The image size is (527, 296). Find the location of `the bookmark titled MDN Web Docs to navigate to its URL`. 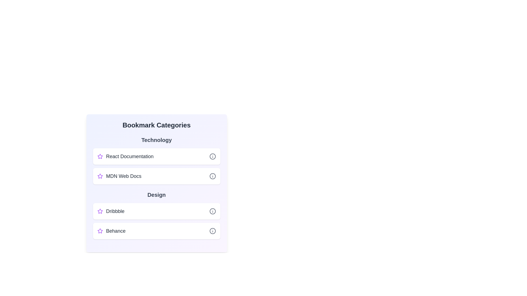

the bookmark titled MDN Web Docs to navigate to its URL is located at coordinates (123, 176).